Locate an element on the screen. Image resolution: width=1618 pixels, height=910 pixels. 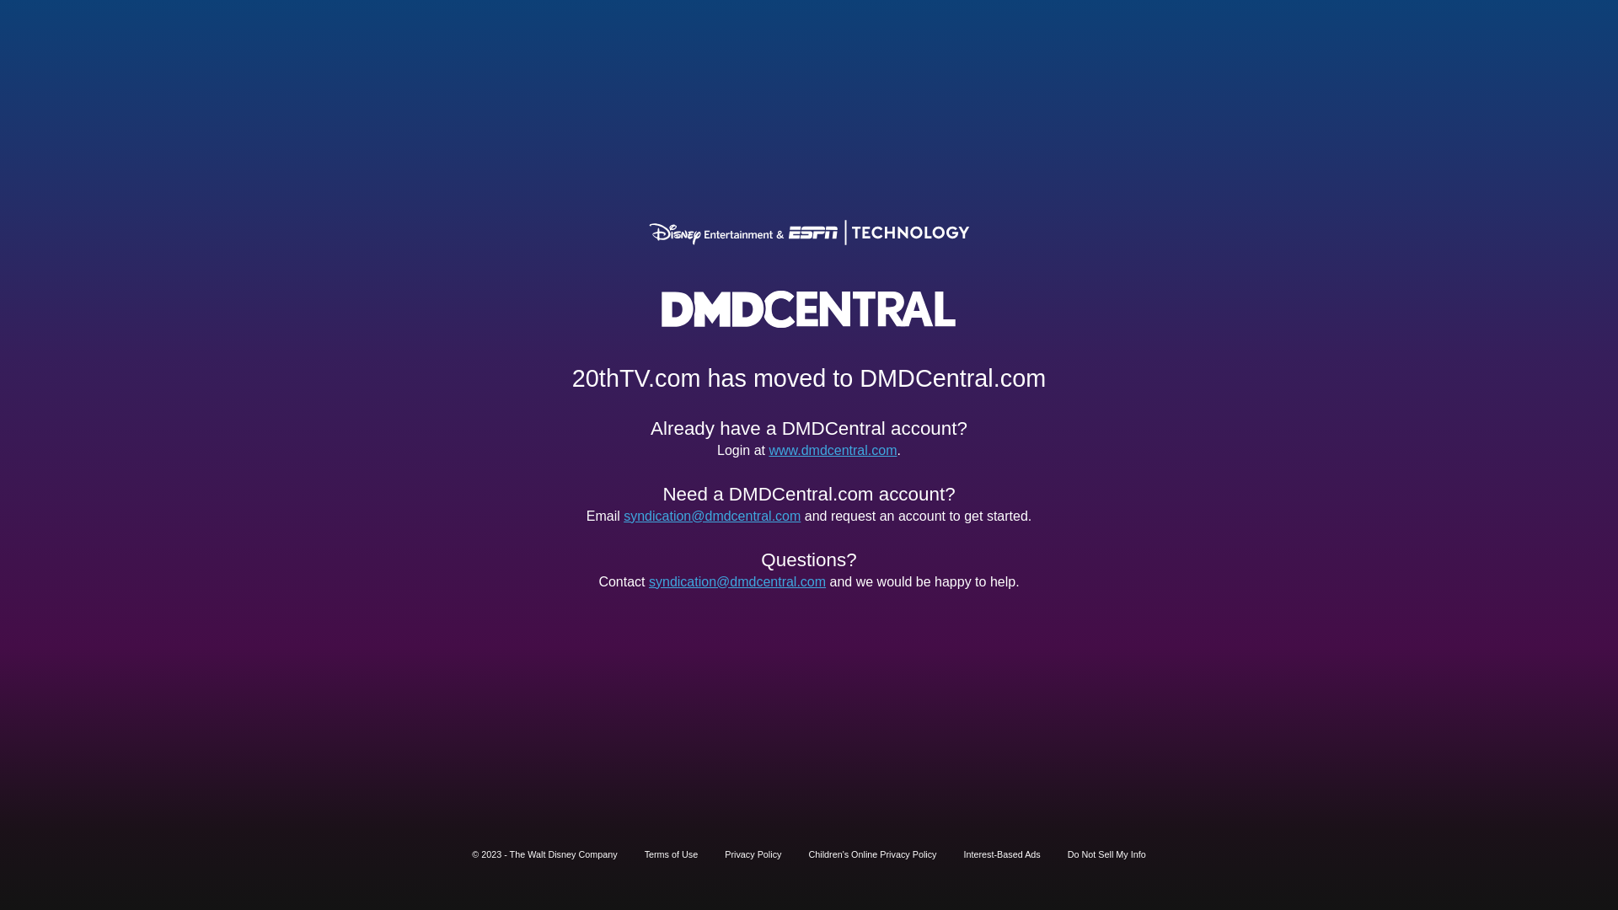
'Do Not Sell My Info' is located at coordinates (1053, 854).